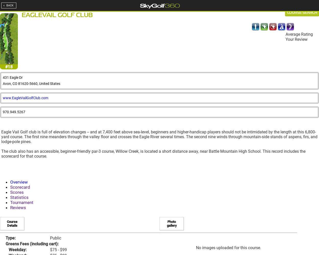 This screenshot has height=255, width=319. What do you see at coordinates (302, 13) in the screenshot?
I see `'Course Search'` at bounding box center [302, 13].